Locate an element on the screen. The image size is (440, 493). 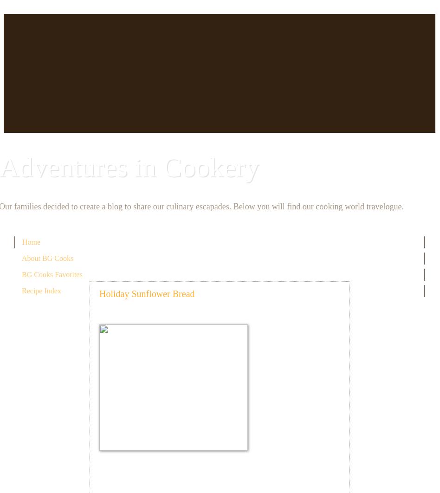
'Recipe Index' is located at coordinates (41, 290).